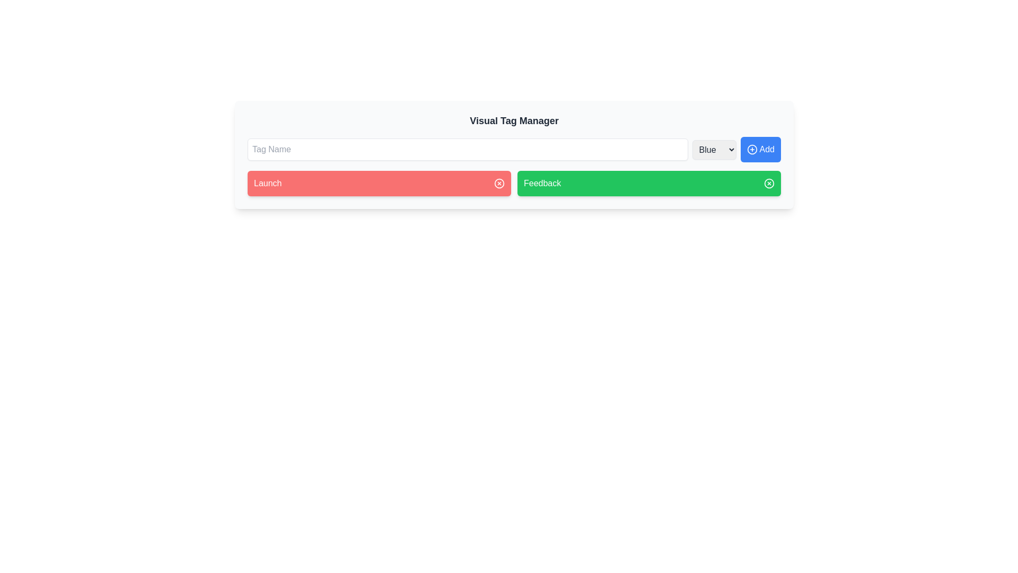  I want to click on the 'Feedback' button, which is a green rectangular button with white text, so click(542, 183).